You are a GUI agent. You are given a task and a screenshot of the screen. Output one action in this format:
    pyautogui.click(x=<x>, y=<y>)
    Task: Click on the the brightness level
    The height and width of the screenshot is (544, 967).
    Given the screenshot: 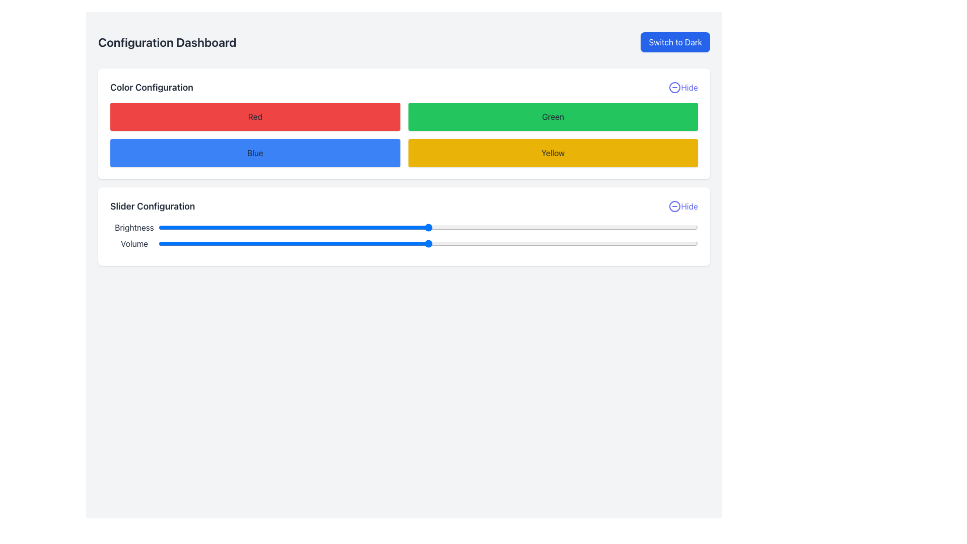 What is the action you would take?
    pyautogui.click(x=665, y=227)
    